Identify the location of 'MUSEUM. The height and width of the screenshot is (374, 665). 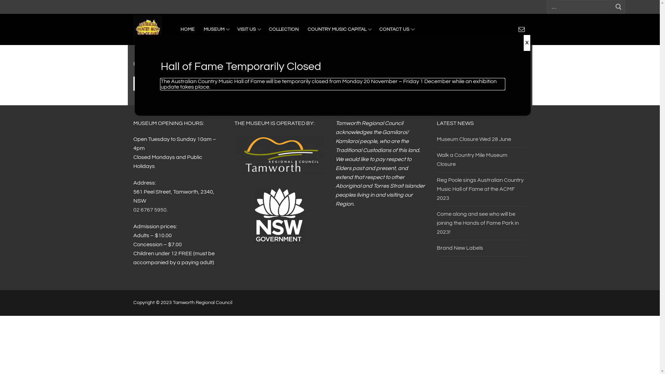
(215, 29).